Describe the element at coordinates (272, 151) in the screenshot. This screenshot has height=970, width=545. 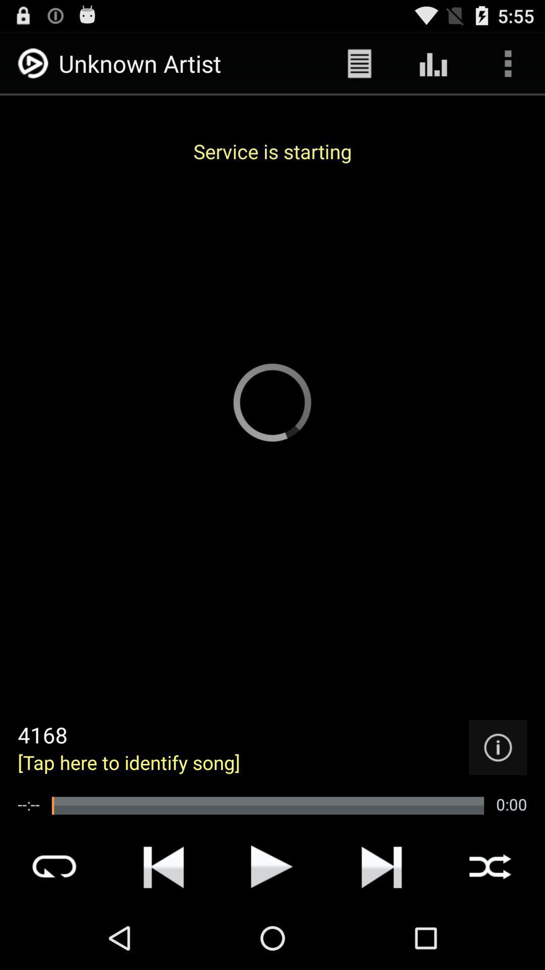
I see `the service is starting app` at that location.